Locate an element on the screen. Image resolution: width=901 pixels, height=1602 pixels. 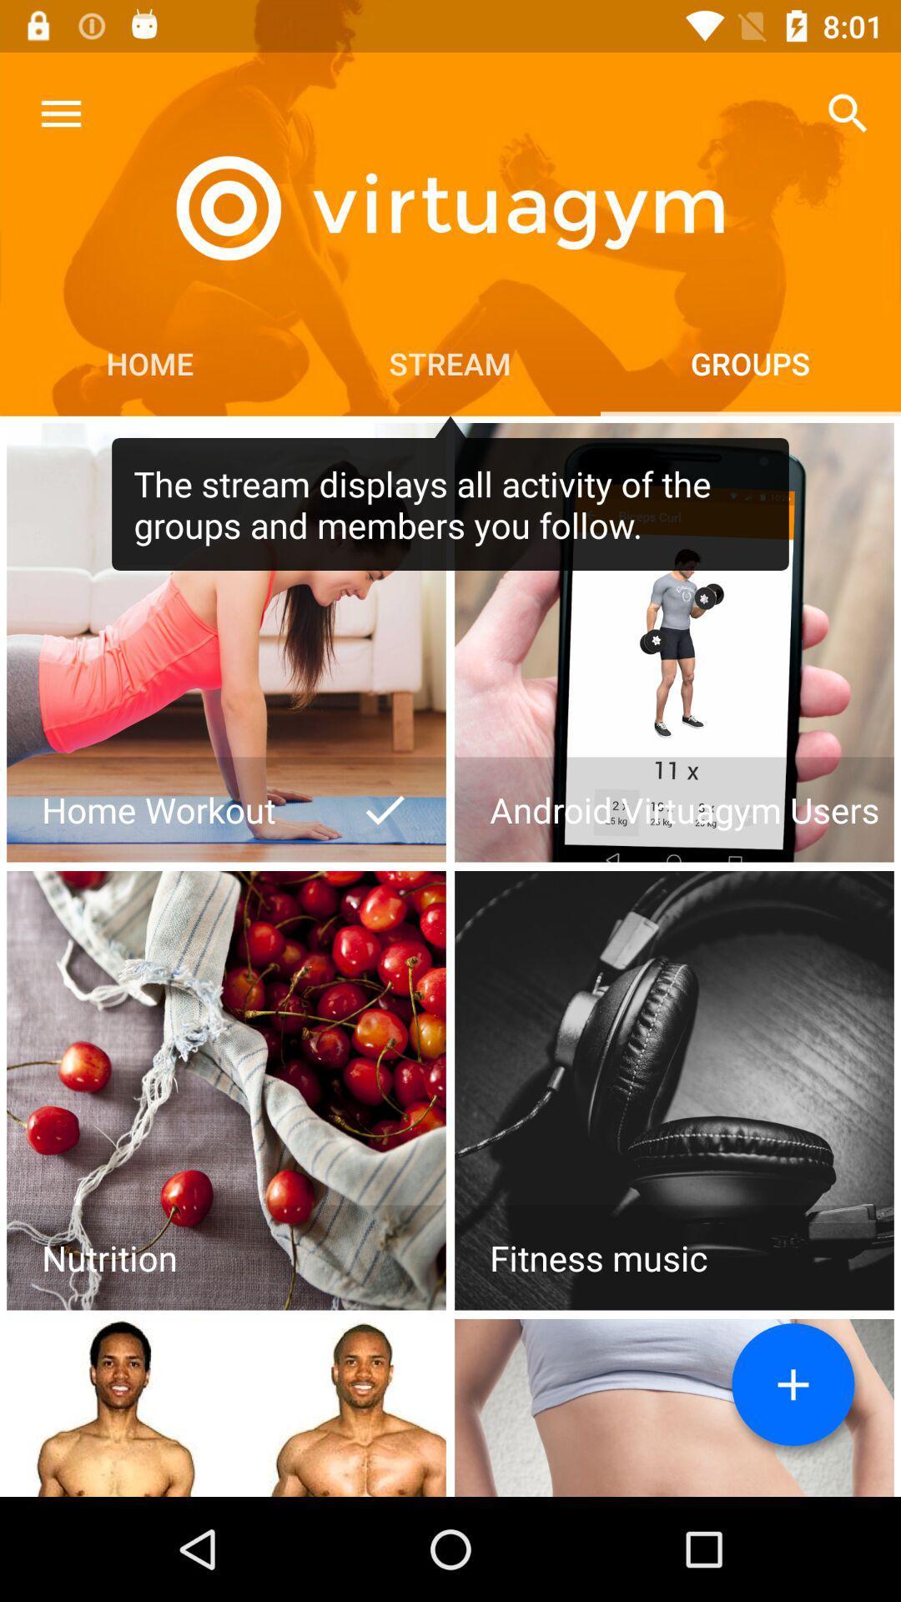
open up group is located at coordinates (226, 642).